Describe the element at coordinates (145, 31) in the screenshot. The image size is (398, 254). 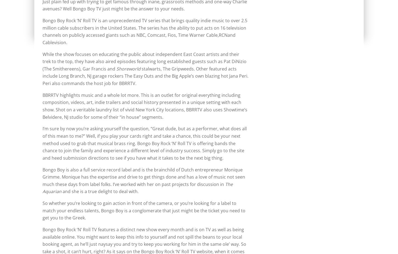
I see `'Bongo Boy Rock ‘N’ Roll TV is an unprecedented TV series that brings quality indie music to over 2.5 million cable subscribers in the United States. The series has the ability to put acts on 16 television channels on publicly accessed giants such as NBC, Comcast, Fios, Time Warner Cable,RCNand Cablevision.'` at that location.